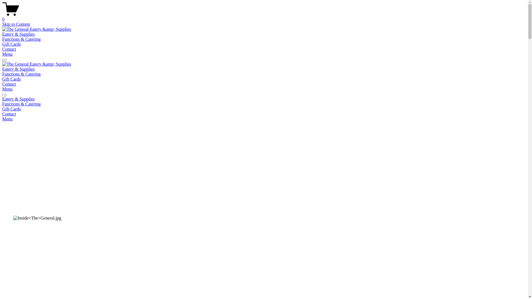 Image resolution: width=532 pixels, height=299 pixels. What do you see at coordinates (2, 69) in the screenshot?
I see `'Eatery & Supplies'` at bounding box center [2, 69].